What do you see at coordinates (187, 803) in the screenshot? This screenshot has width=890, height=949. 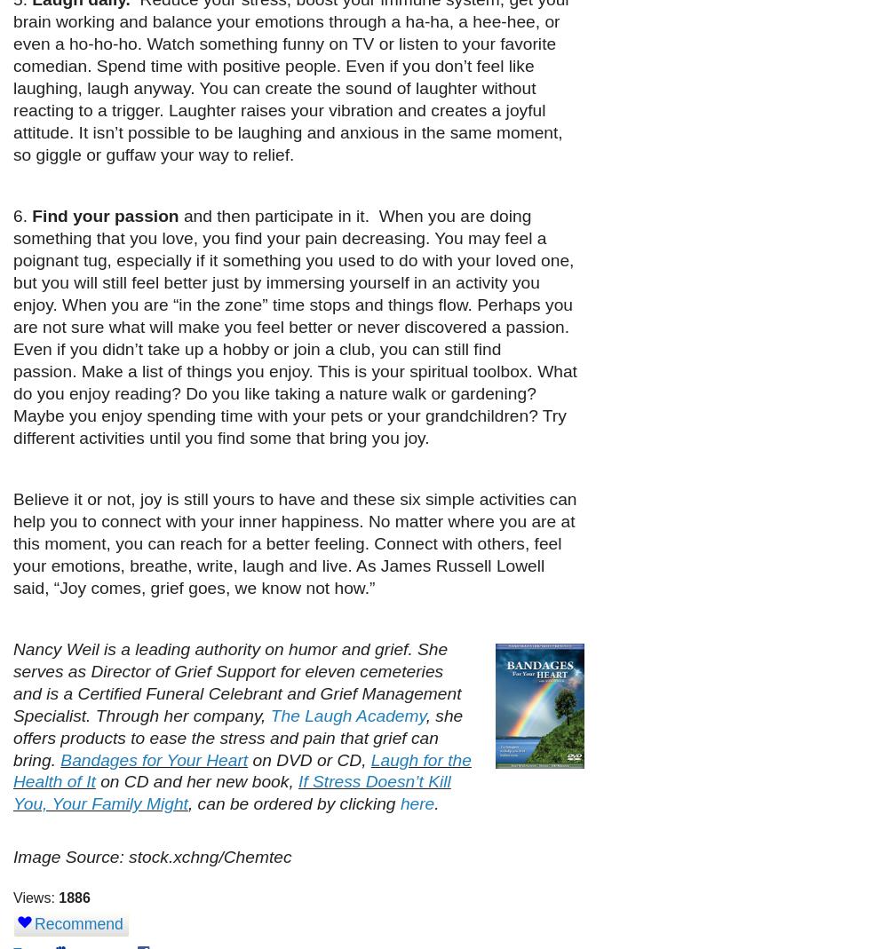 I see `', can be ordered by clicking'` at bounding box center [187, 803].